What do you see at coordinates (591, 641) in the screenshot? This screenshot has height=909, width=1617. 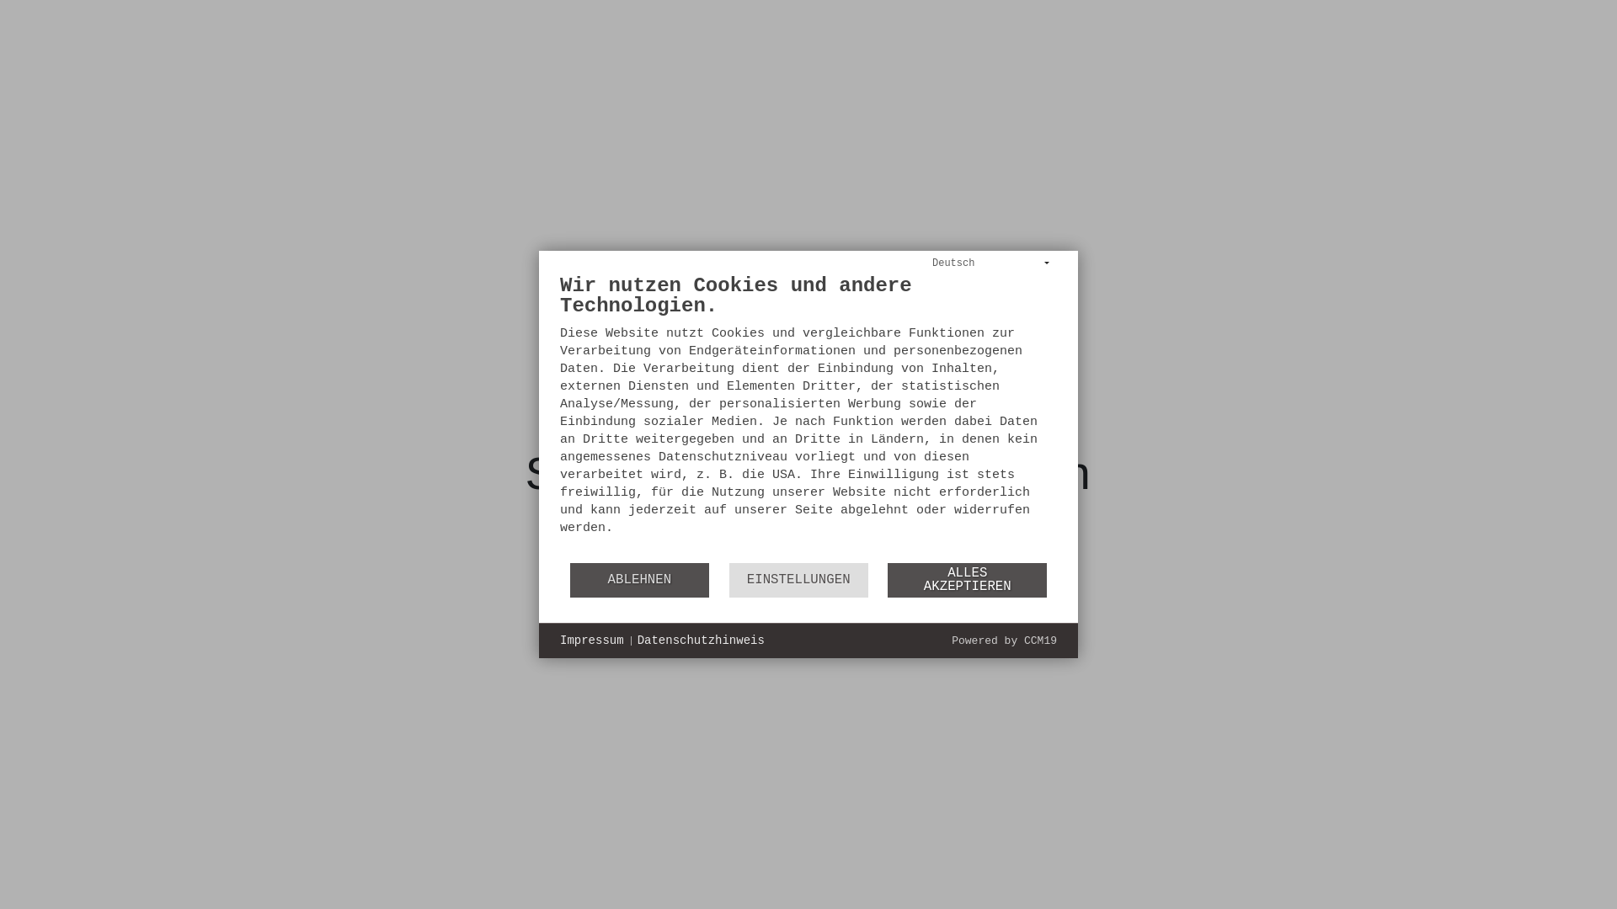 I see `'Impressum'` at bounding box center [591, 641].